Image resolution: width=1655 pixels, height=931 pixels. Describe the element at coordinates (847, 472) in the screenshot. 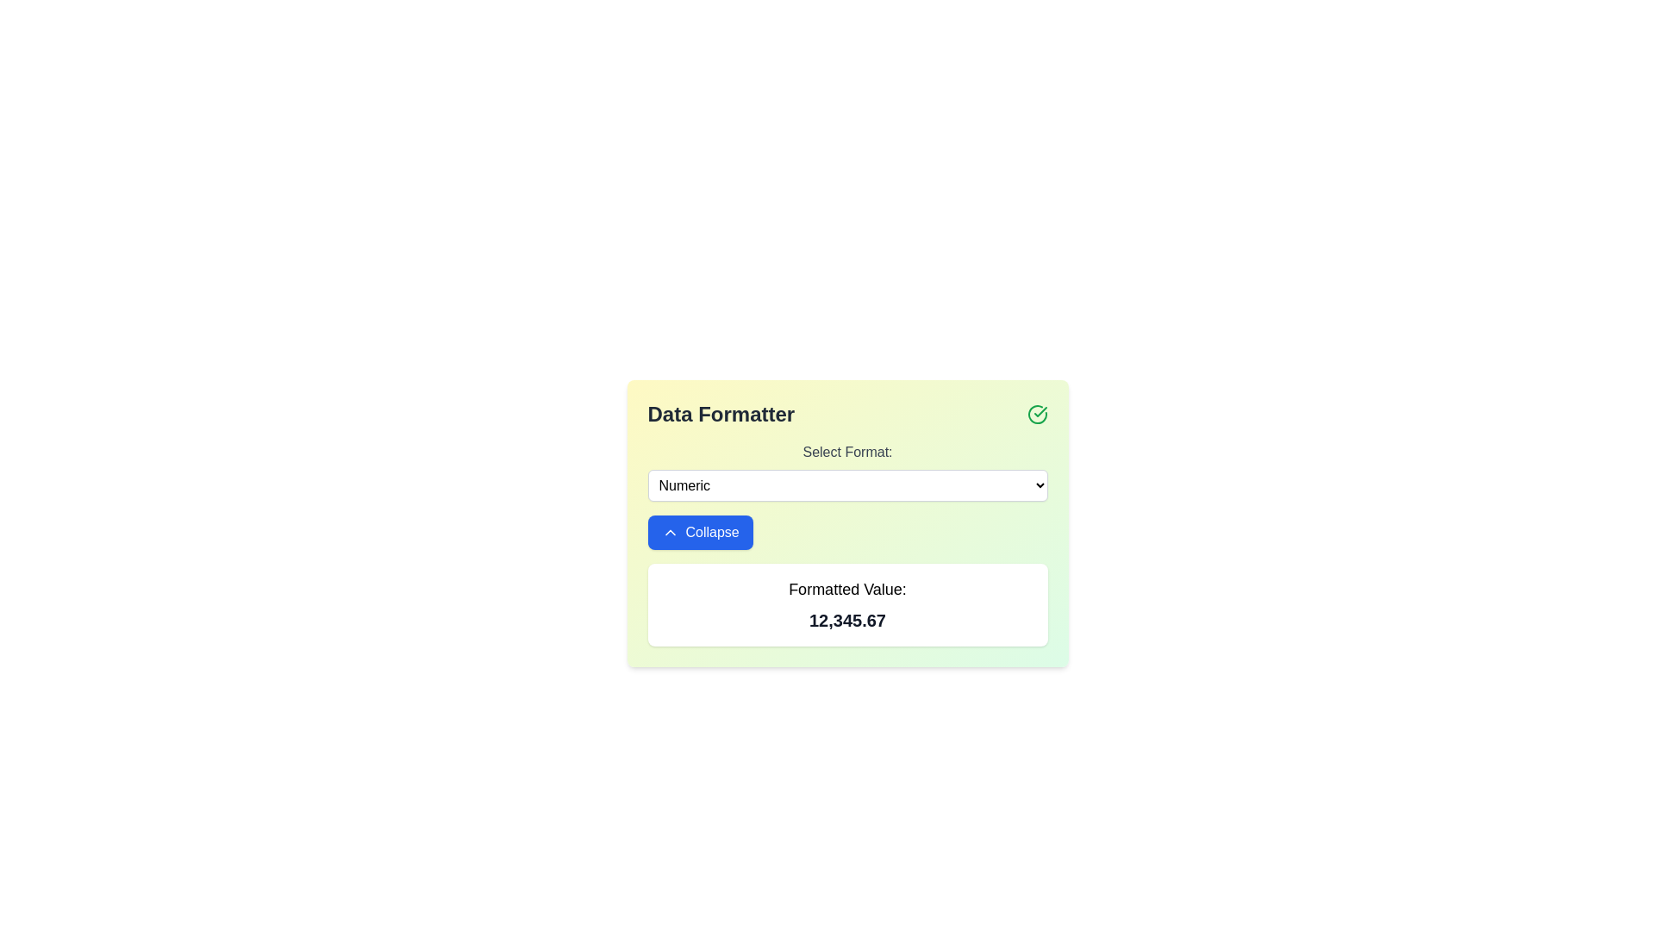

I see `an option from the dropdown menu located in the 'Data Formatter' card, positioned below the header and above the 'Collapse' button` at that location.